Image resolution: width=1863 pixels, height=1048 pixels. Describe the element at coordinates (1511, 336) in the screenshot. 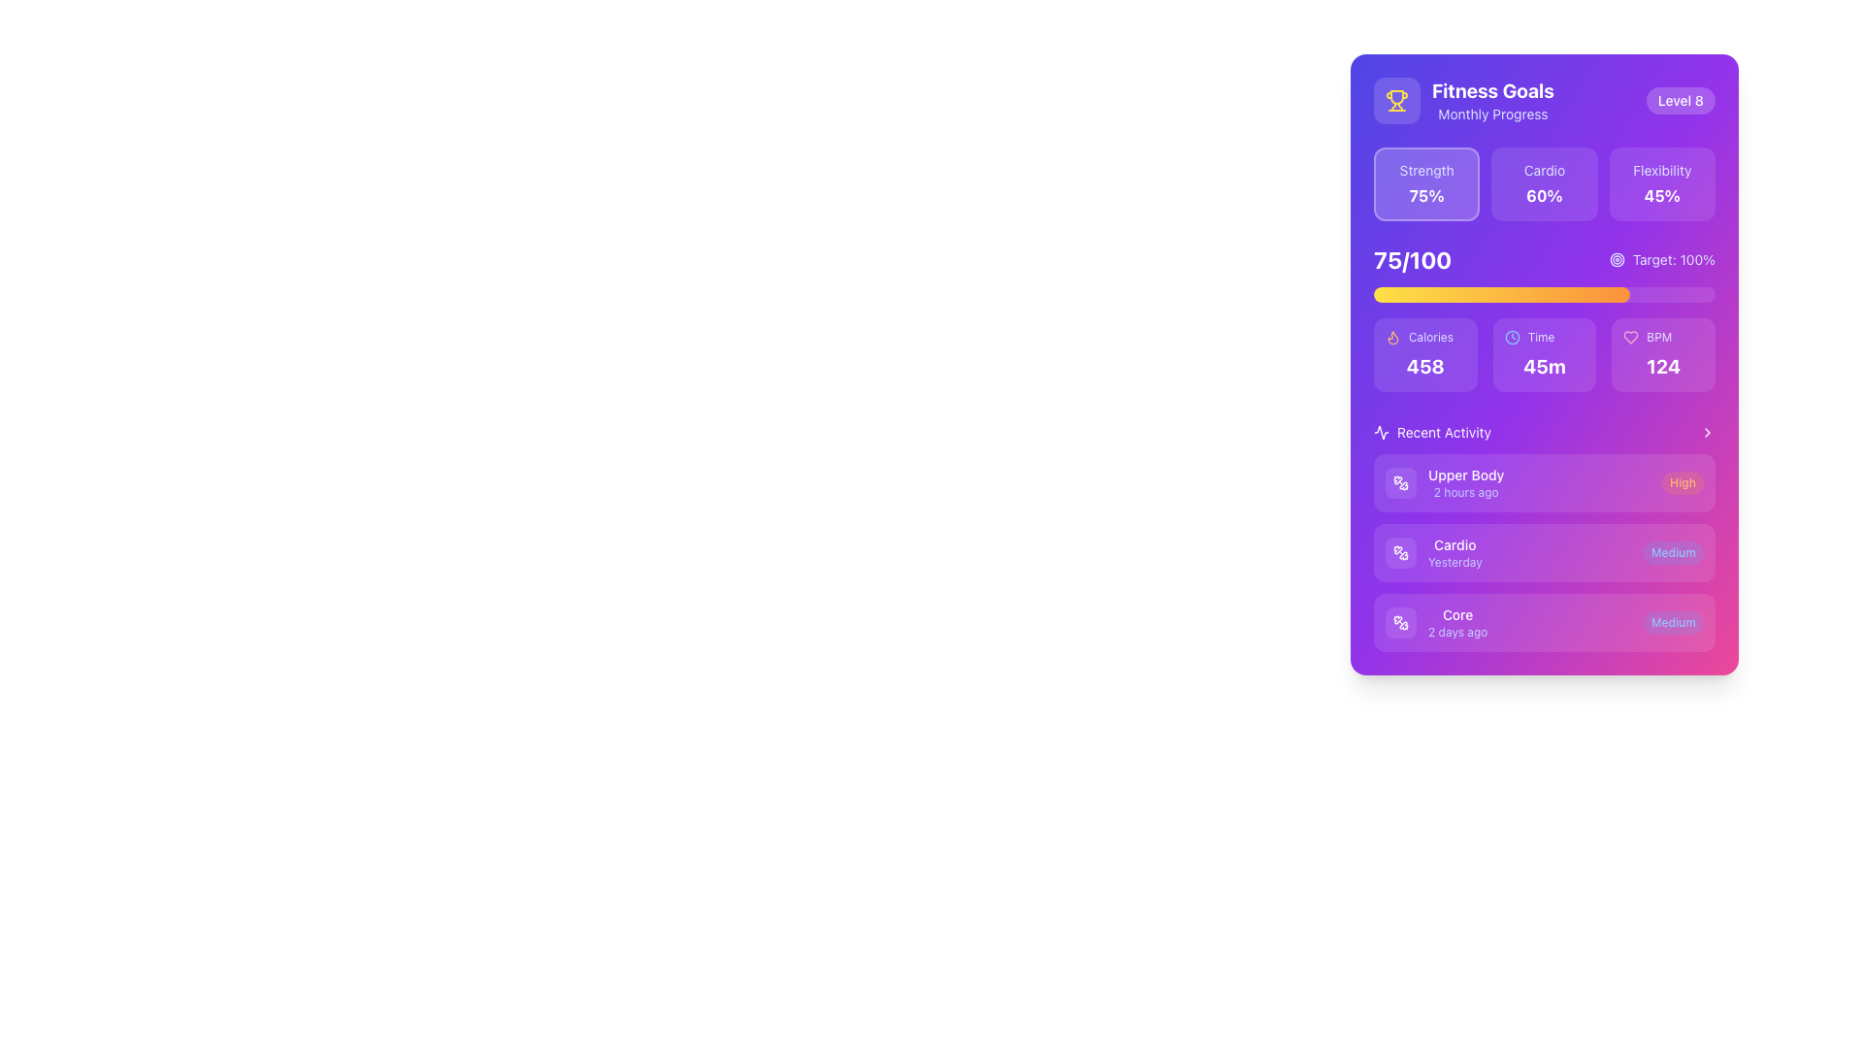

I see `the decorative clock icon located in the 'Time' section of the card-like interface, adjacent to the text '45m'` at that location.